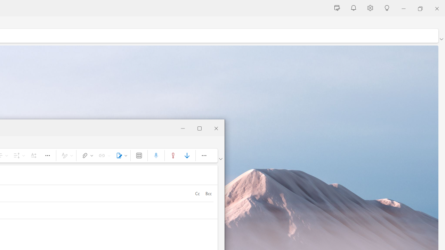  I want to click on 'High importance', so click(173, 155).